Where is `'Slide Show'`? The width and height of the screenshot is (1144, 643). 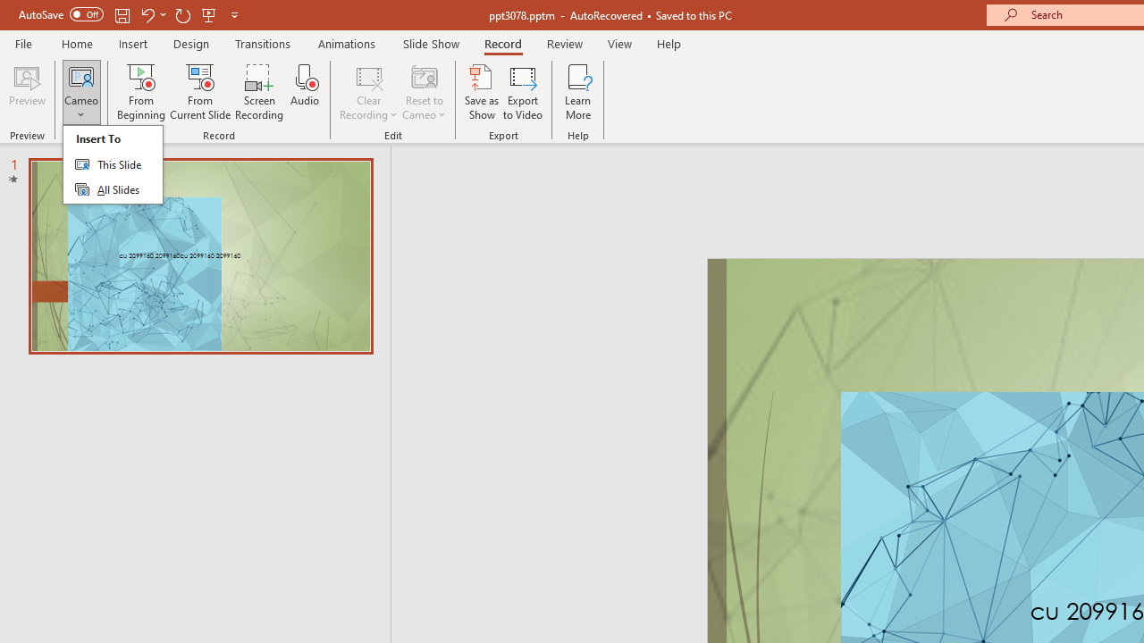
'Slide Show' is located at coordinates (430, 43).